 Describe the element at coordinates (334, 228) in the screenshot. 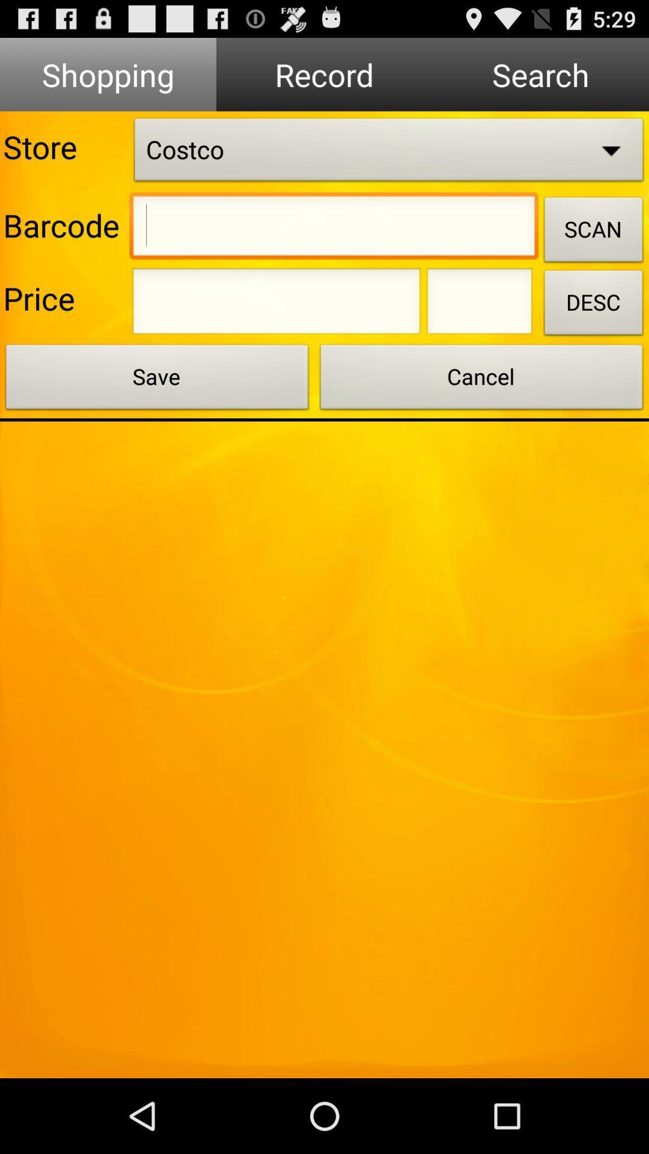

I see `press empty space next to barcode` at that location.